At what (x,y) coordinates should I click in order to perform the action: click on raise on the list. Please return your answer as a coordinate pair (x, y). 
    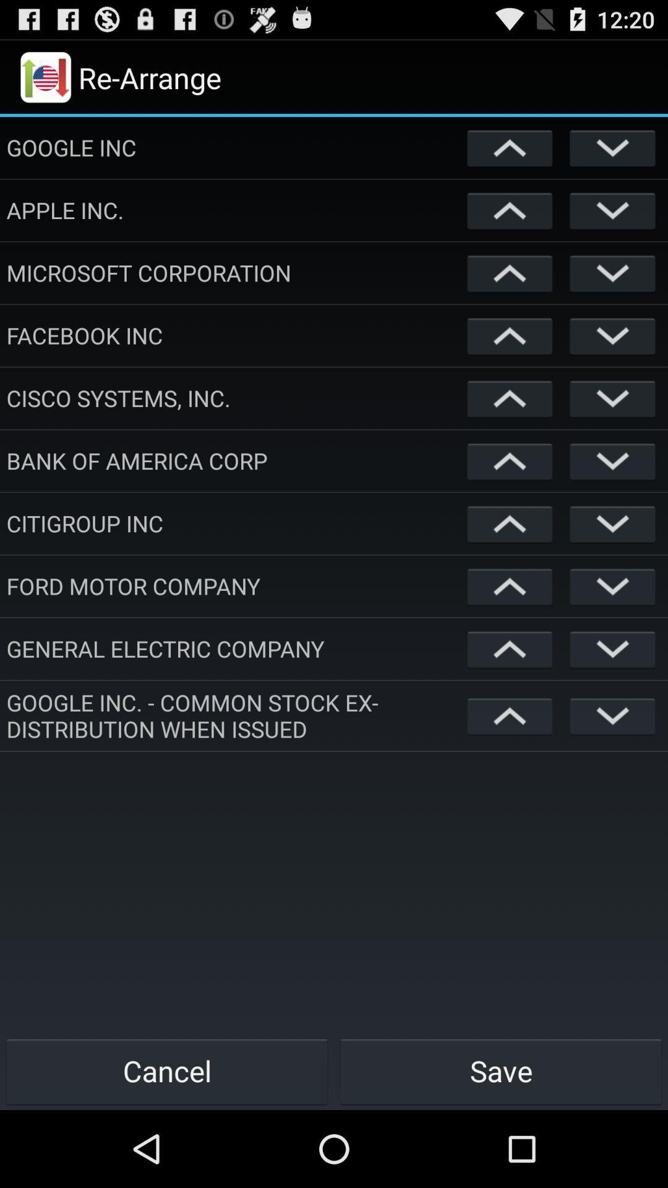
    Looking at the image, I should click on (510, 335).